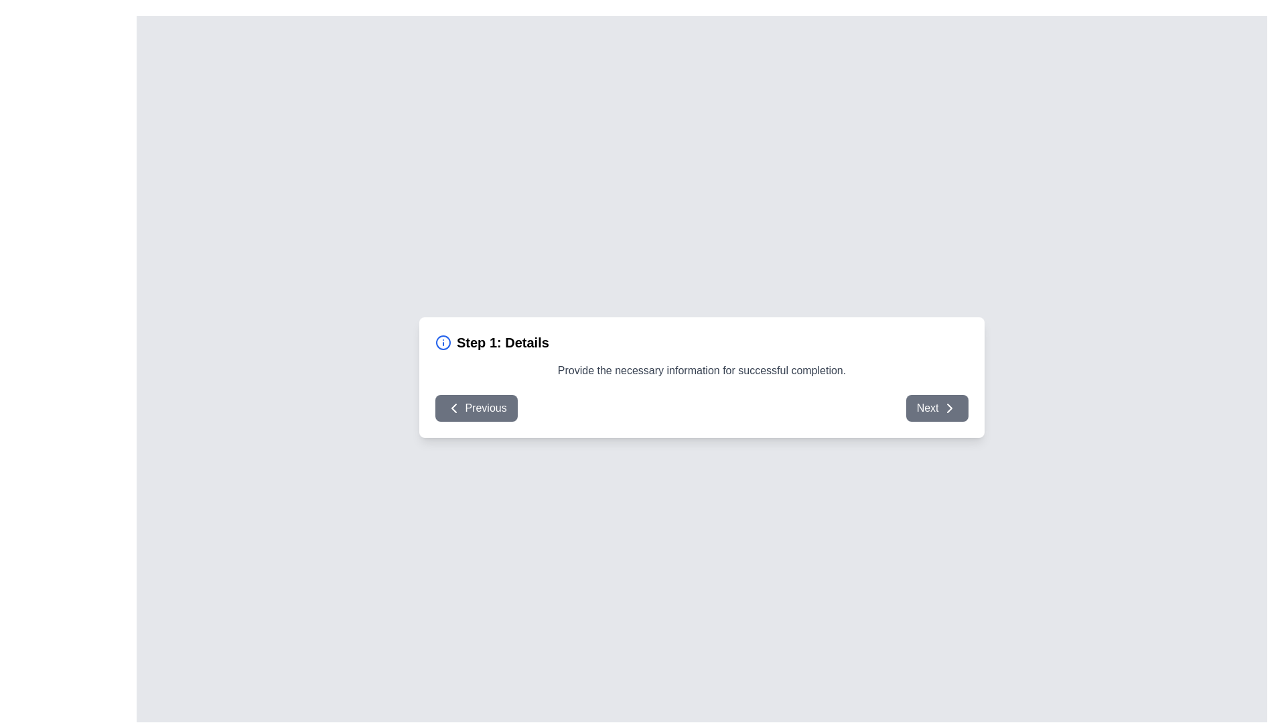 The height and width of the screenshot is (723, 1286). What do you see at coordinates (701, 370) in the screenshot?
I see `the static text label stating 'Provide the necessary information for successful completion.' for reading its content` at bounding box center [701, 370].